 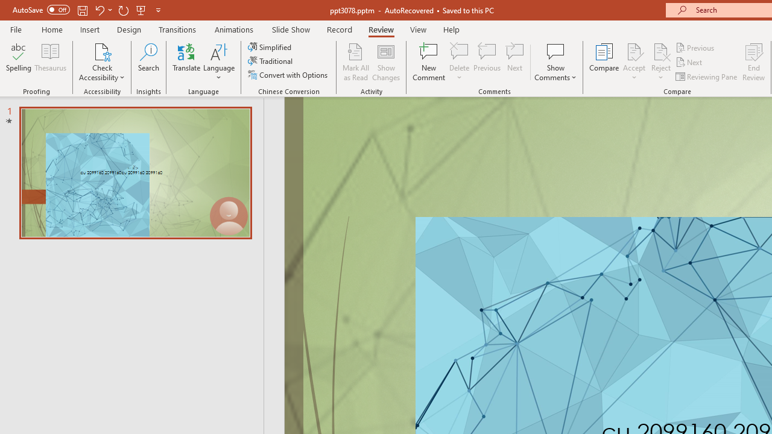 What do you see at coordinates (355, 62) in the screenshot?
I see `'Mark All as Read'` at bounding box center [355, 62].